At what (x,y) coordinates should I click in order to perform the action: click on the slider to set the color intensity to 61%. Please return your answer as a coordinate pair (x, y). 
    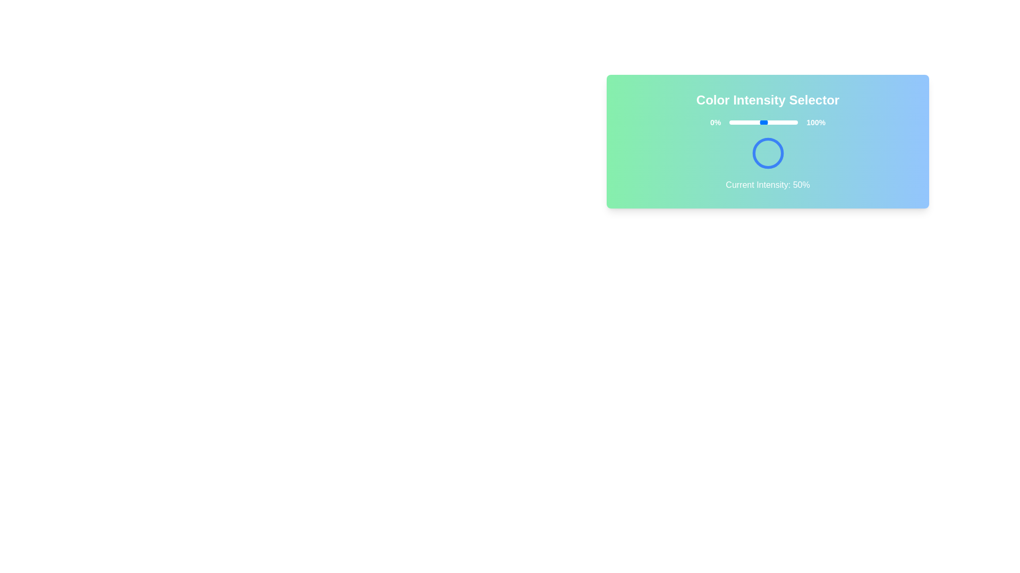
    Looking at the image, I should click on (771, 122).